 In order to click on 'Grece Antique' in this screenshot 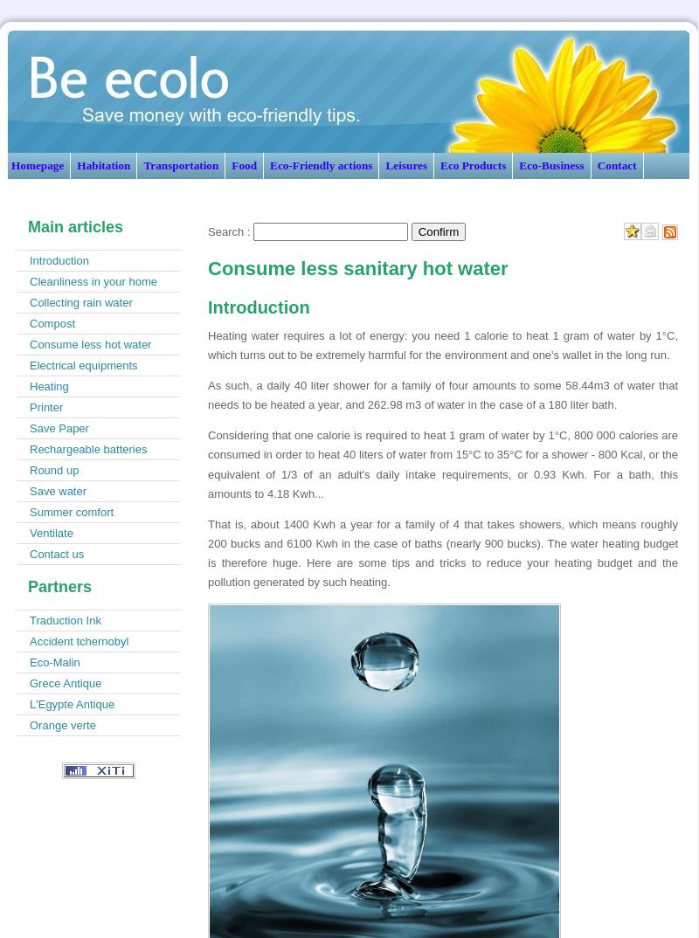, I will do `click(66, 682)`.